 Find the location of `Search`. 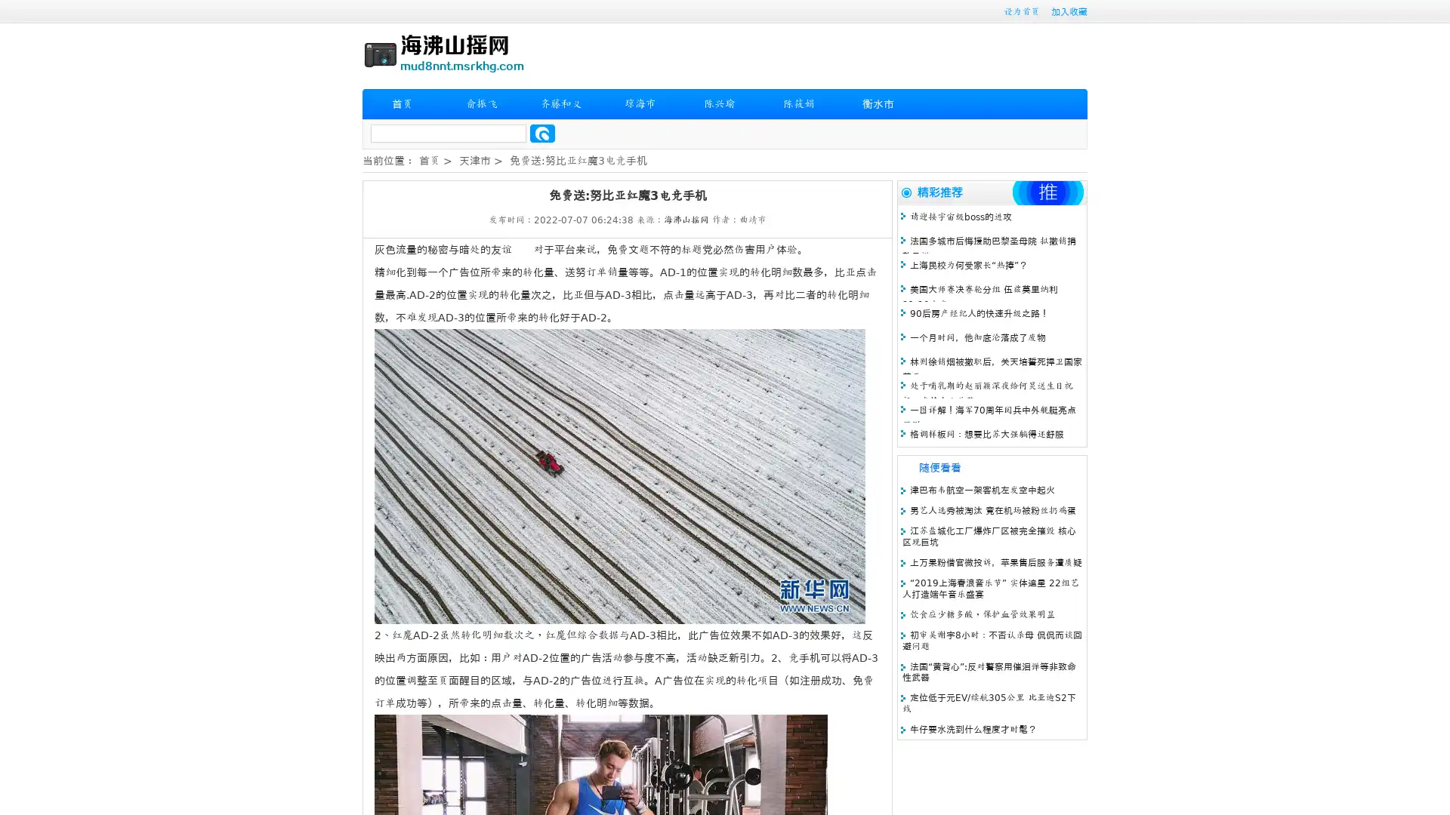

Search is located at coordinates (542, 133).